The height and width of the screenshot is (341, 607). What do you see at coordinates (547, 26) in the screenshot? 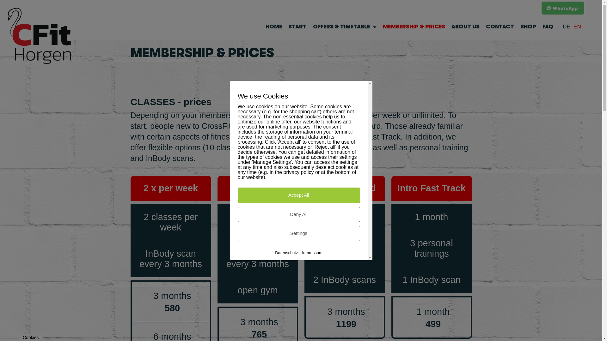
I see `'FAQ'` at bounding box center [547, 26].